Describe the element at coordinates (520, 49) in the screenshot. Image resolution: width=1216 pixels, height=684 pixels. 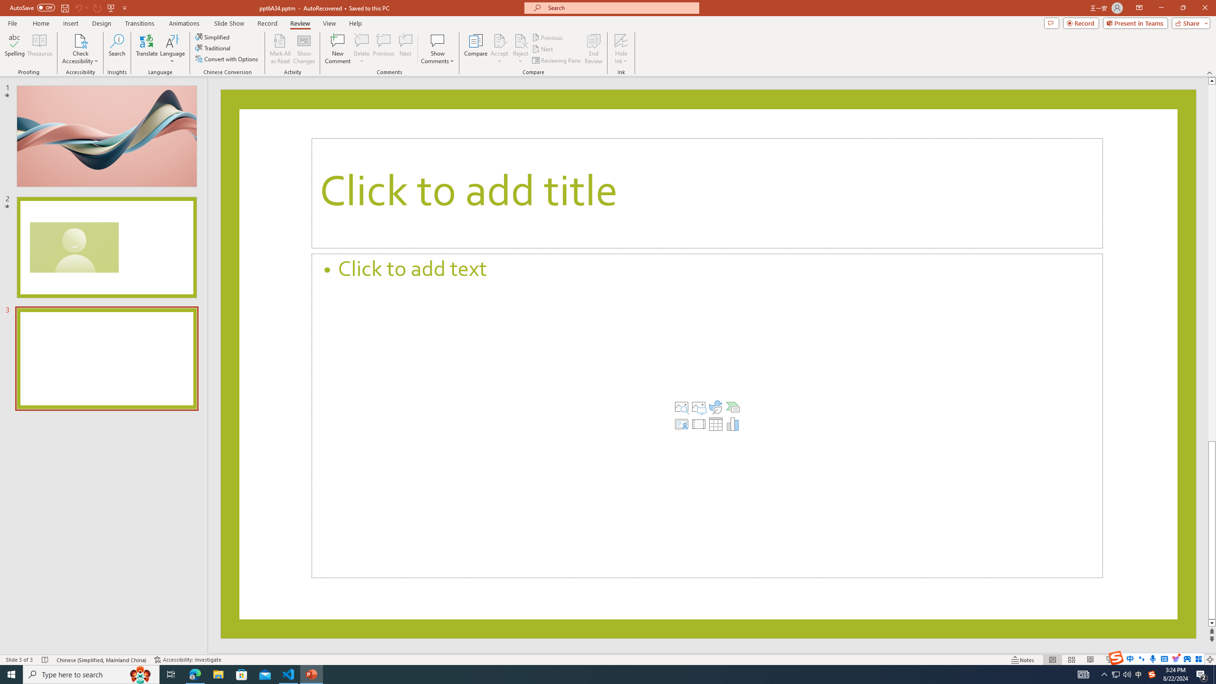
I see `'Reject'` at that location.